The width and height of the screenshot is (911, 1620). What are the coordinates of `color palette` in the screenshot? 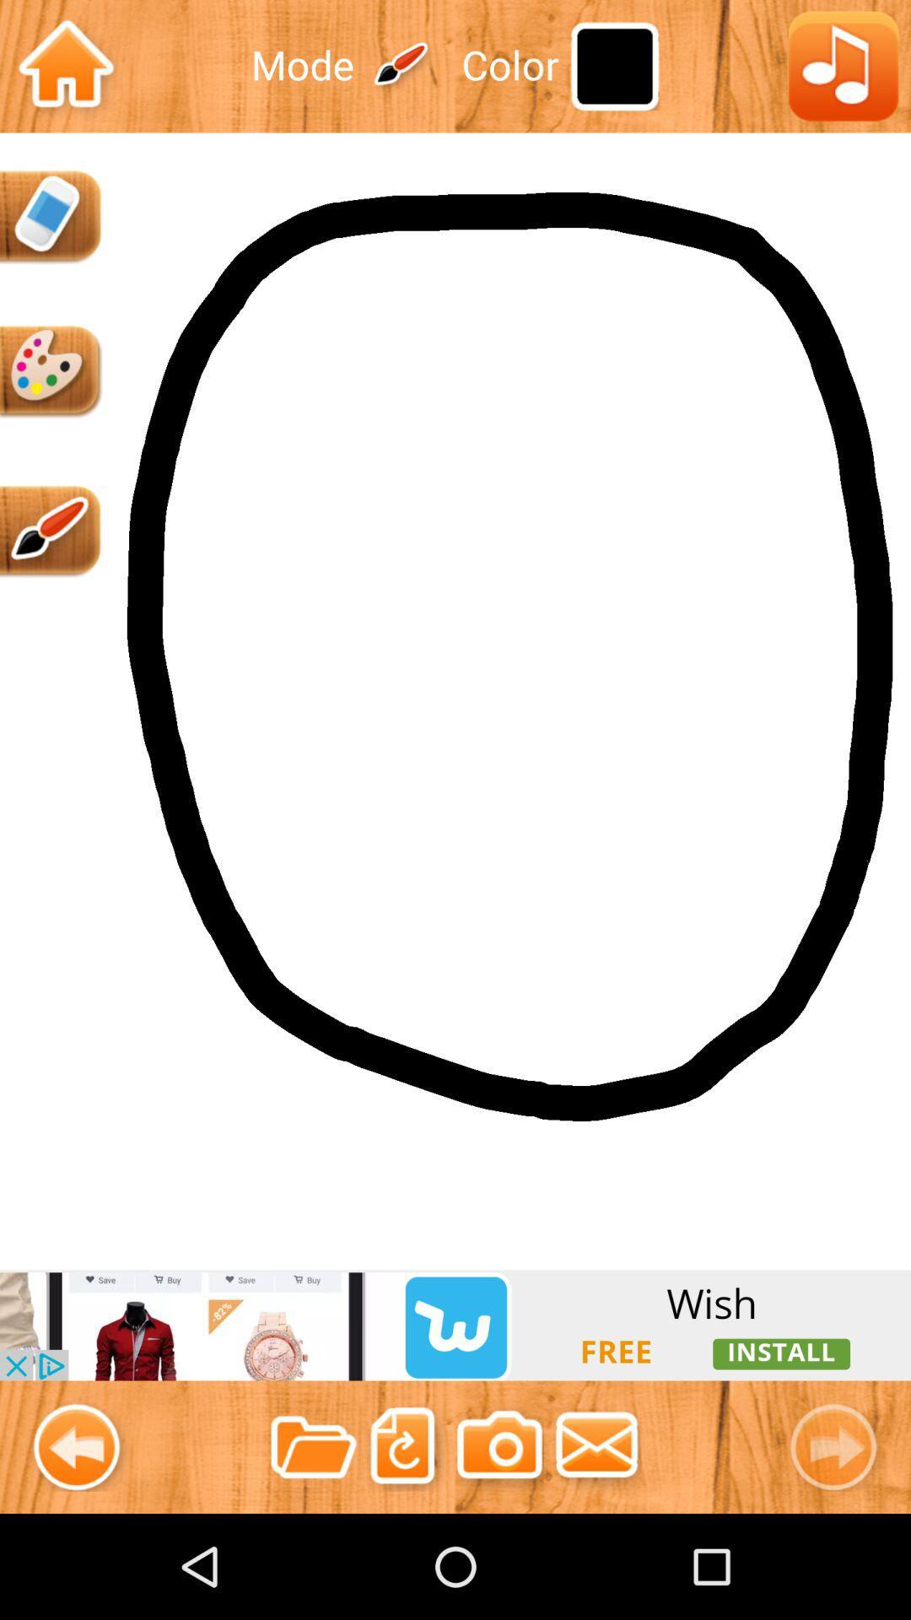 It's located at (51, 371).